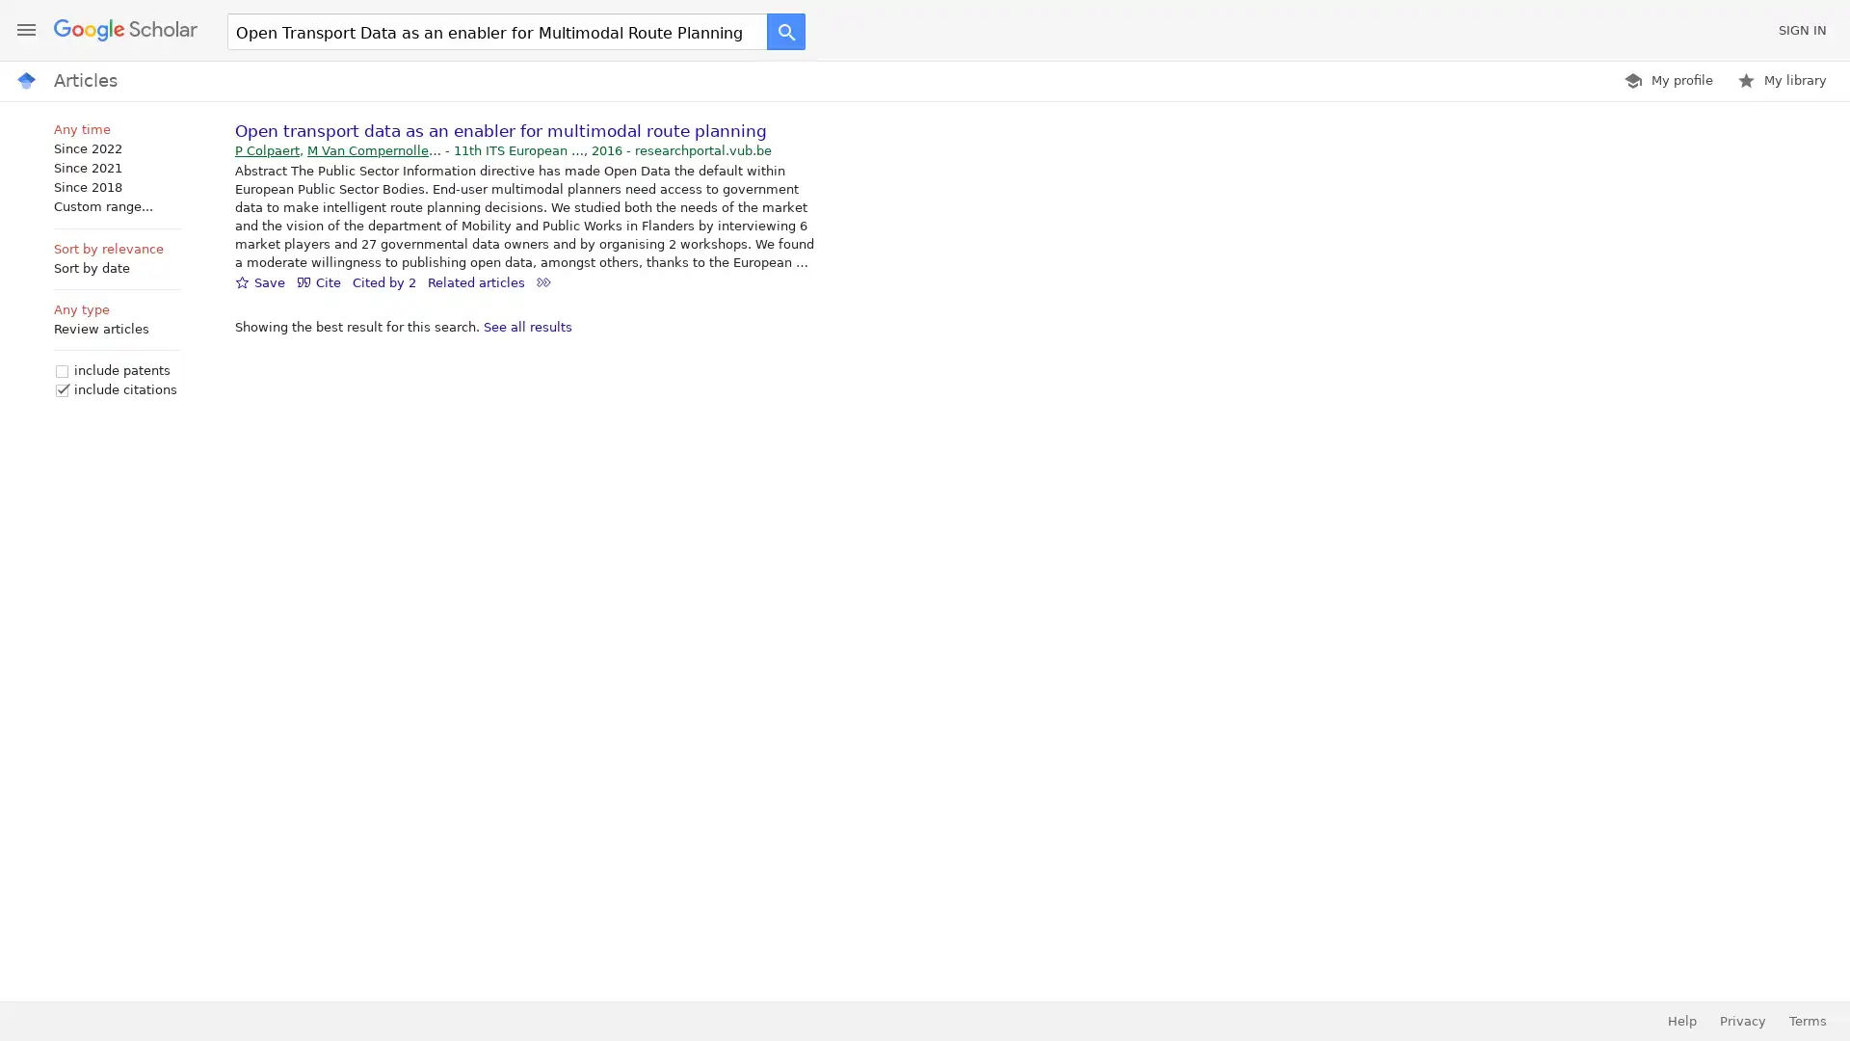 This screenshot has height=1041, width=1850. I want to click on More, so click(542, 281).